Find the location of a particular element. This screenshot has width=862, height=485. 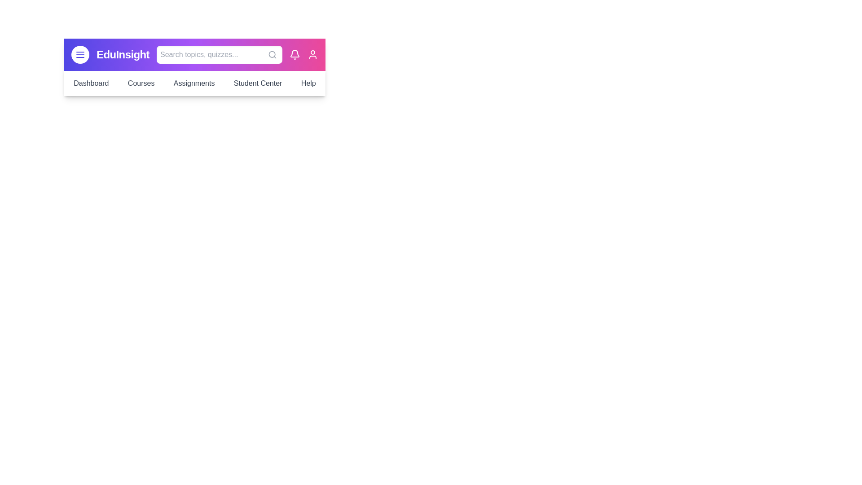

the user icon to access the user profile is located at coordinates (312, 55).